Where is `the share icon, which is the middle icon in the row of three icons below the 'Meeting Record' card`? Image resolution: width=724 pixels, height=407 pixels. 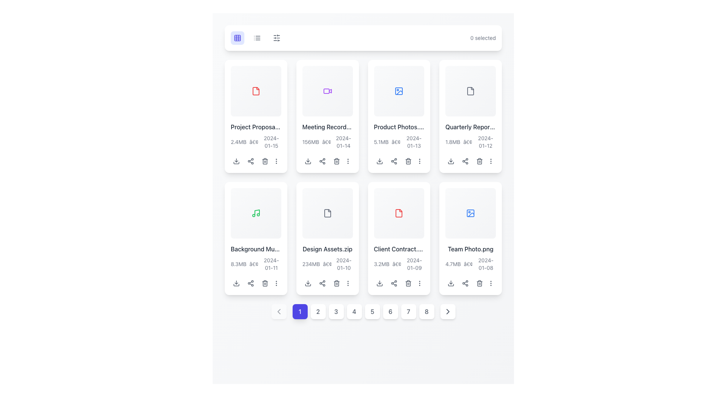 the share icon, which is the middle icon in the row of three icons below the 'Meeting Record' card is located at coordinates (322, 161).